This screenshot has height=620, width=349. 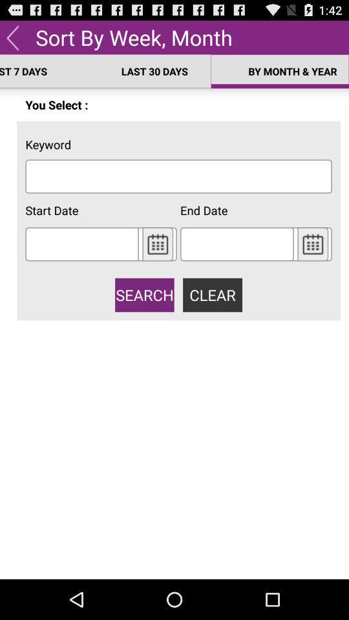 I want to click on button to the right of the search, so click(x=213, y=294).